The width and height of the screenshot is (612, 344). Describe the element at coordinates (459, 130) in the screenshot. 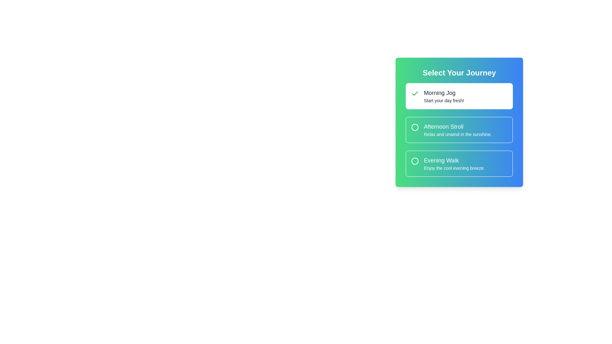

I see `the 'Afternoon Stroll' item in the vertical selection list` at that location.